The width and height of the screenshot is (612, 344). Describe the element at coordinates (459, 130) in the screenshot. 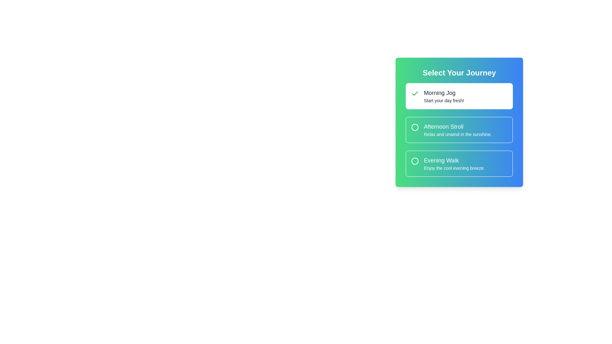

I see `the 'Afternoon Stroll' item in the vertical selection list` at that location.